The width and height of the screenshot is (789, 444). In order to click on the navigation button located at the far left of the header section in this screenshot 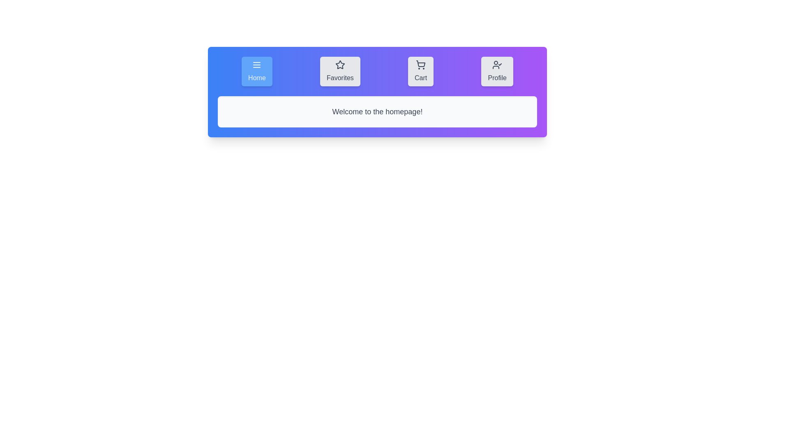, I will do `click(256, 71)`.